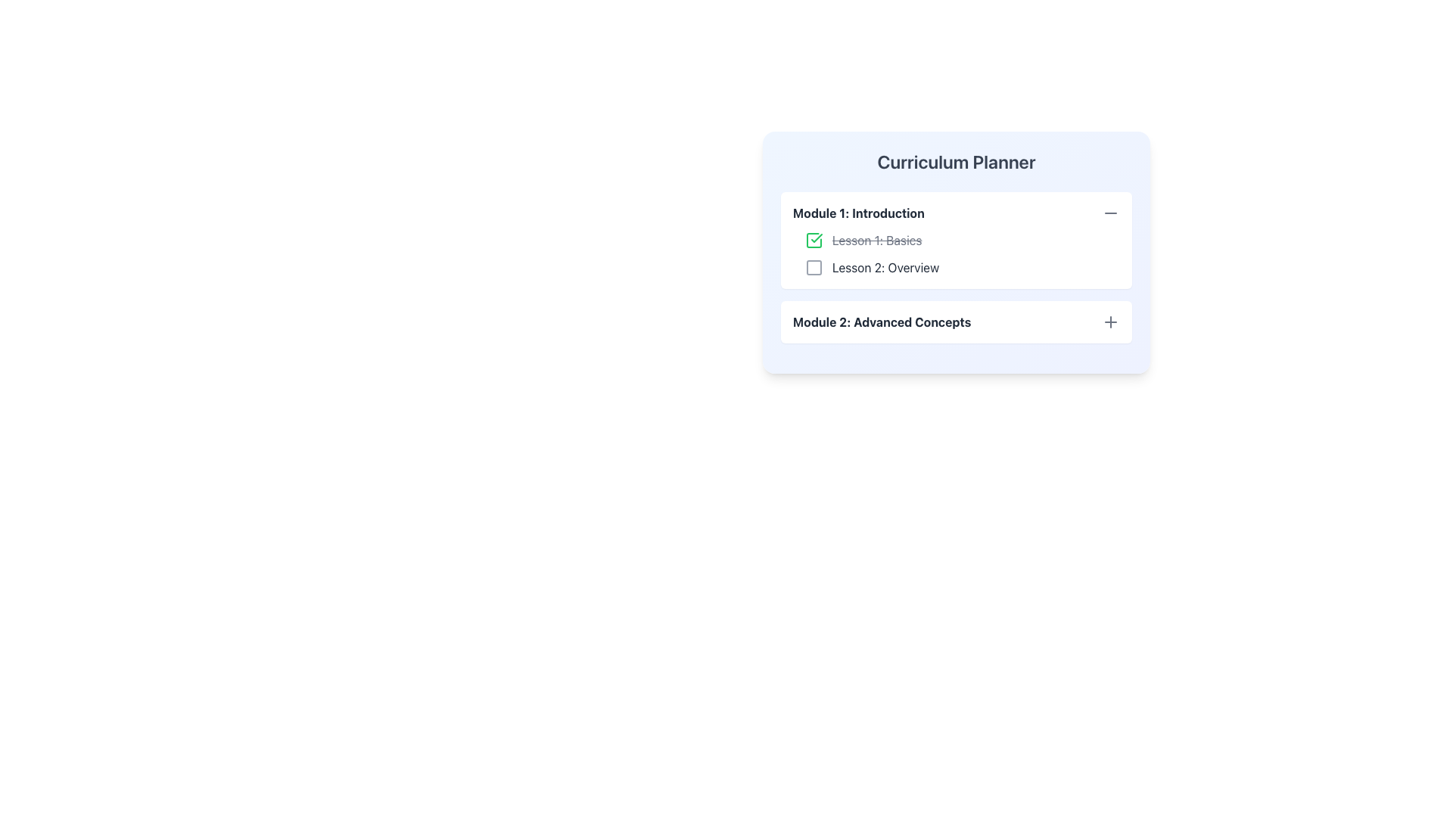  Describe the element at coordinates (962, 239) in the screenshot. I see `the first completed lesson item in the 'Module 1: Introduction' section` at that location.